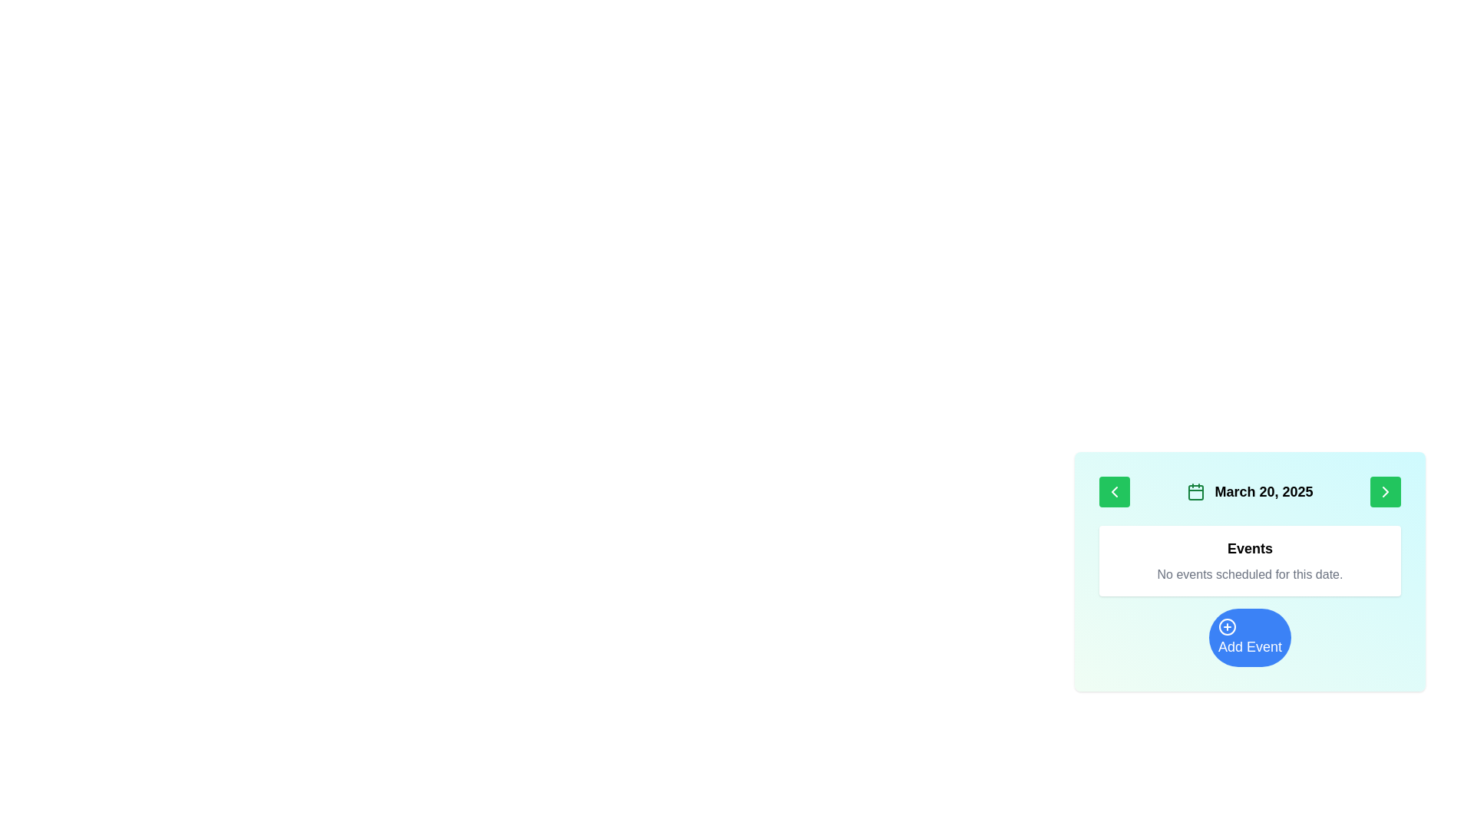 This screenshot has width=1474, height=829. What do you see at coordinates (1385, 491) in the screenshot?
I see `the rightward-pointing arrow SVG icon located in the top-right corner of the calendar interface beside the date text 'March 20, 2025'` at bounding box center [1385, 491].